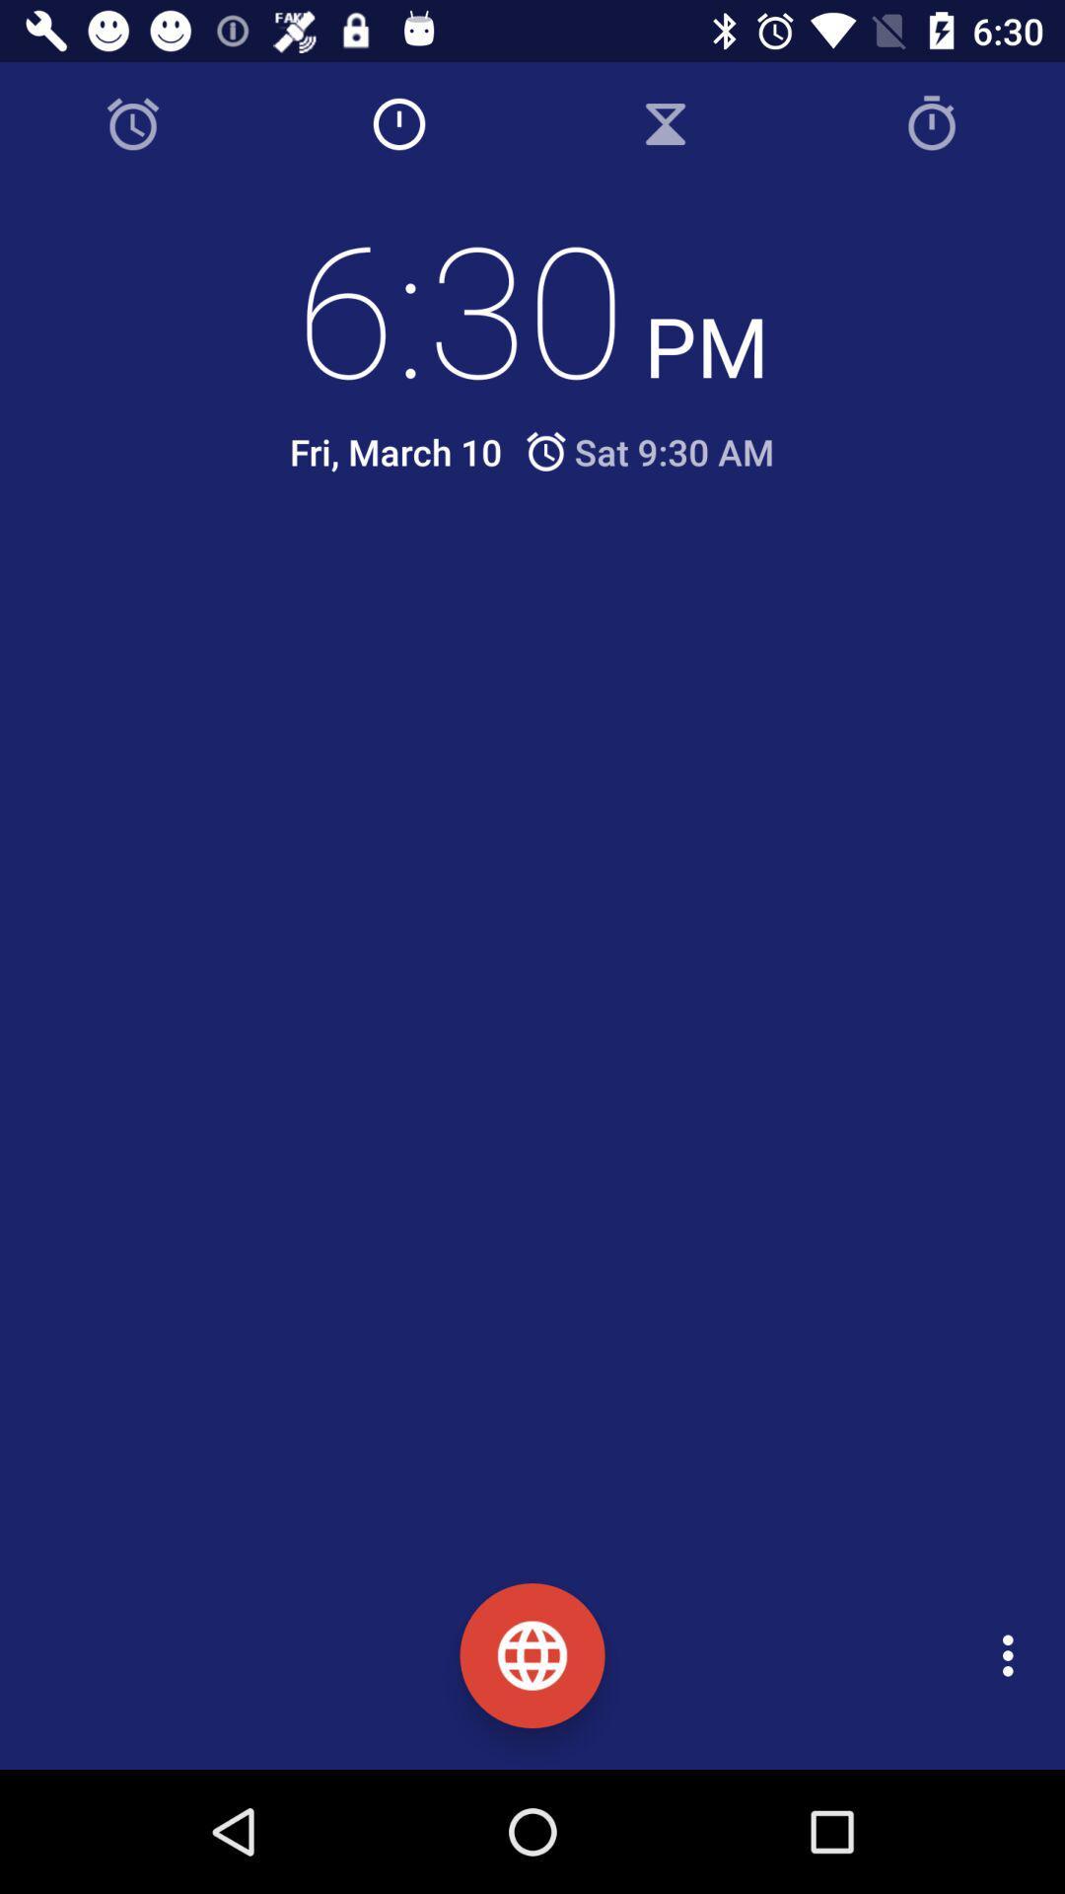 The image size is (1065, 1894). What do you see at coordinates (1013, 1655) in the screenshot?
I see `the more icon` at bounding box center [1013, 1655].